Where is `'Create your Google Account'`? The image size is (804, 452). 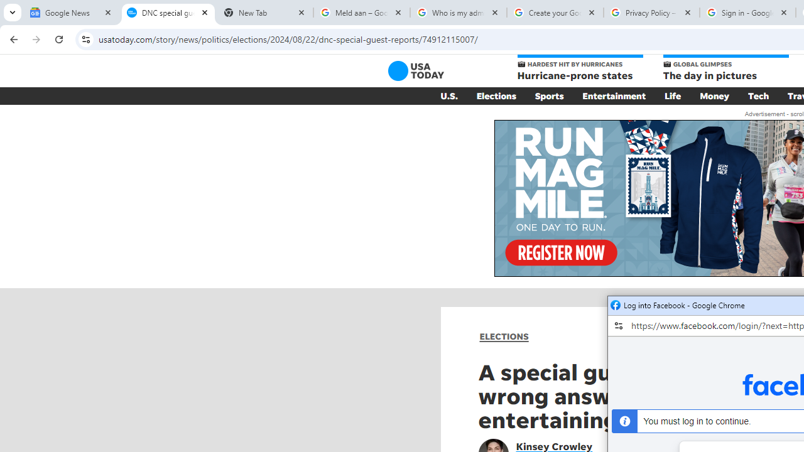
'Create your Google Account' is located at coordinates (554, 13).